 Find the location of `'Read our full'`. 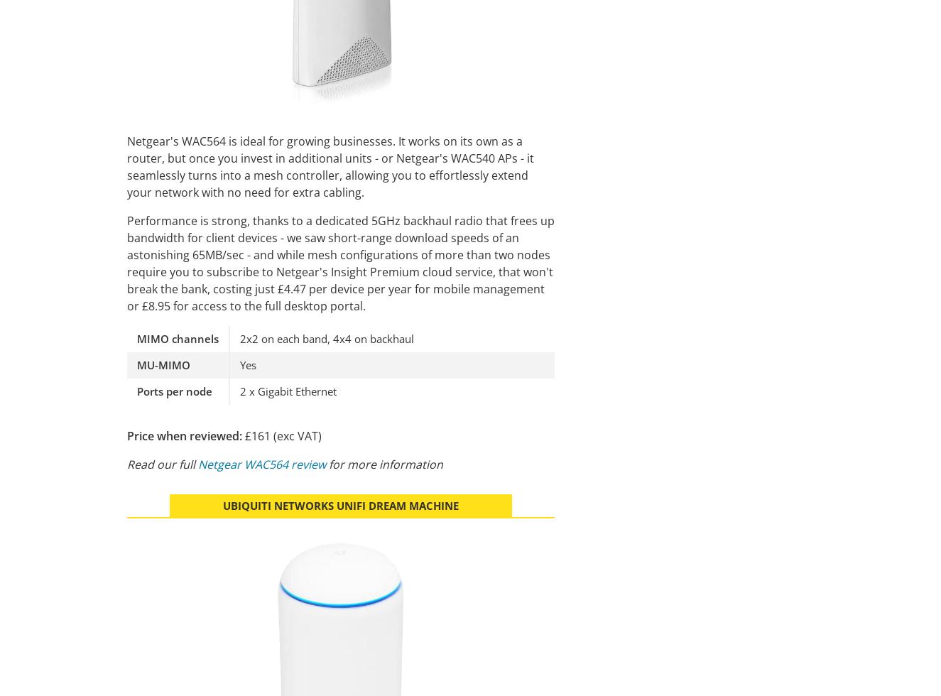

'Read our full' is located at coordinates (126, 463).